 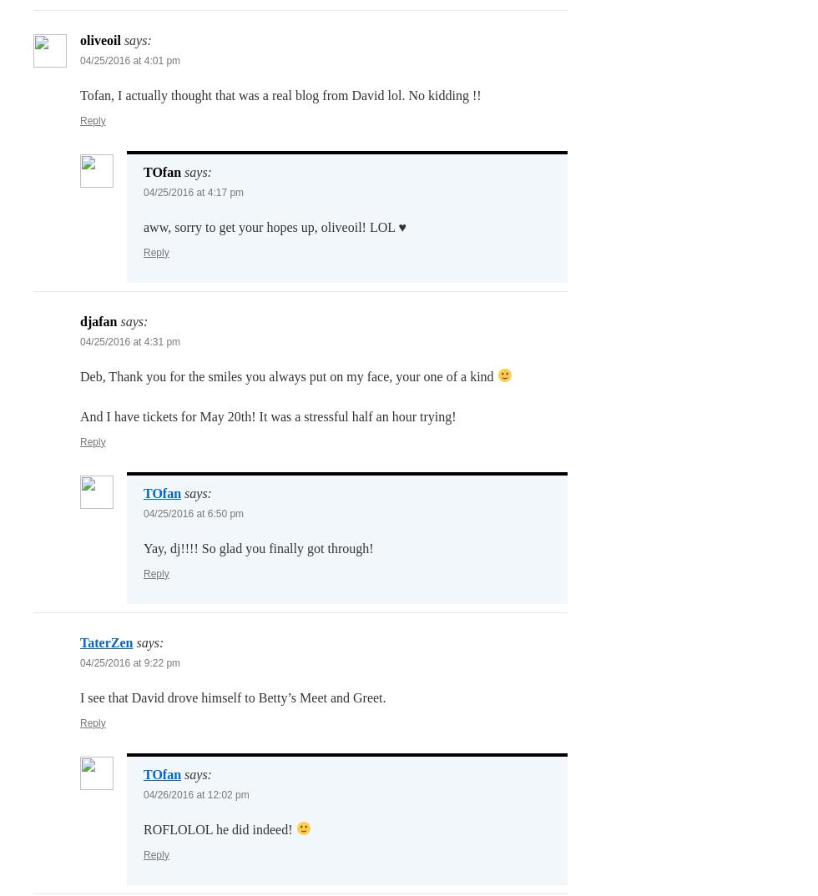 I want to click on '04/26/2016 at 12:02 pm', so click(x=196, y=793).